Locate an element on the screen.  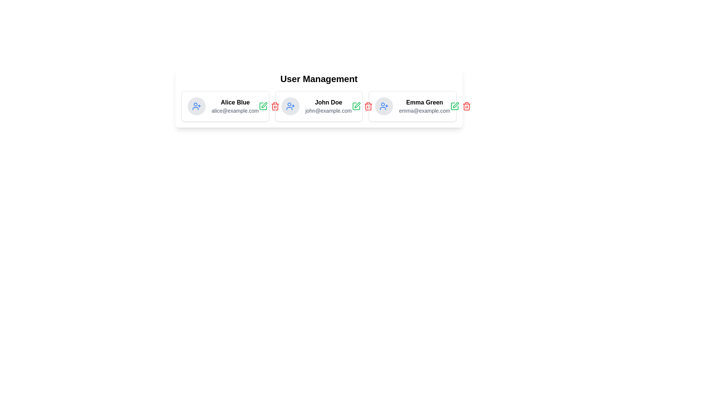
the Information Display Card for 'Alice Blue', which features a rounded profile icon with a user-add symbol and displays the email 'alice@example.com' beneath the title in bold font is located at coordinates (223, 106).